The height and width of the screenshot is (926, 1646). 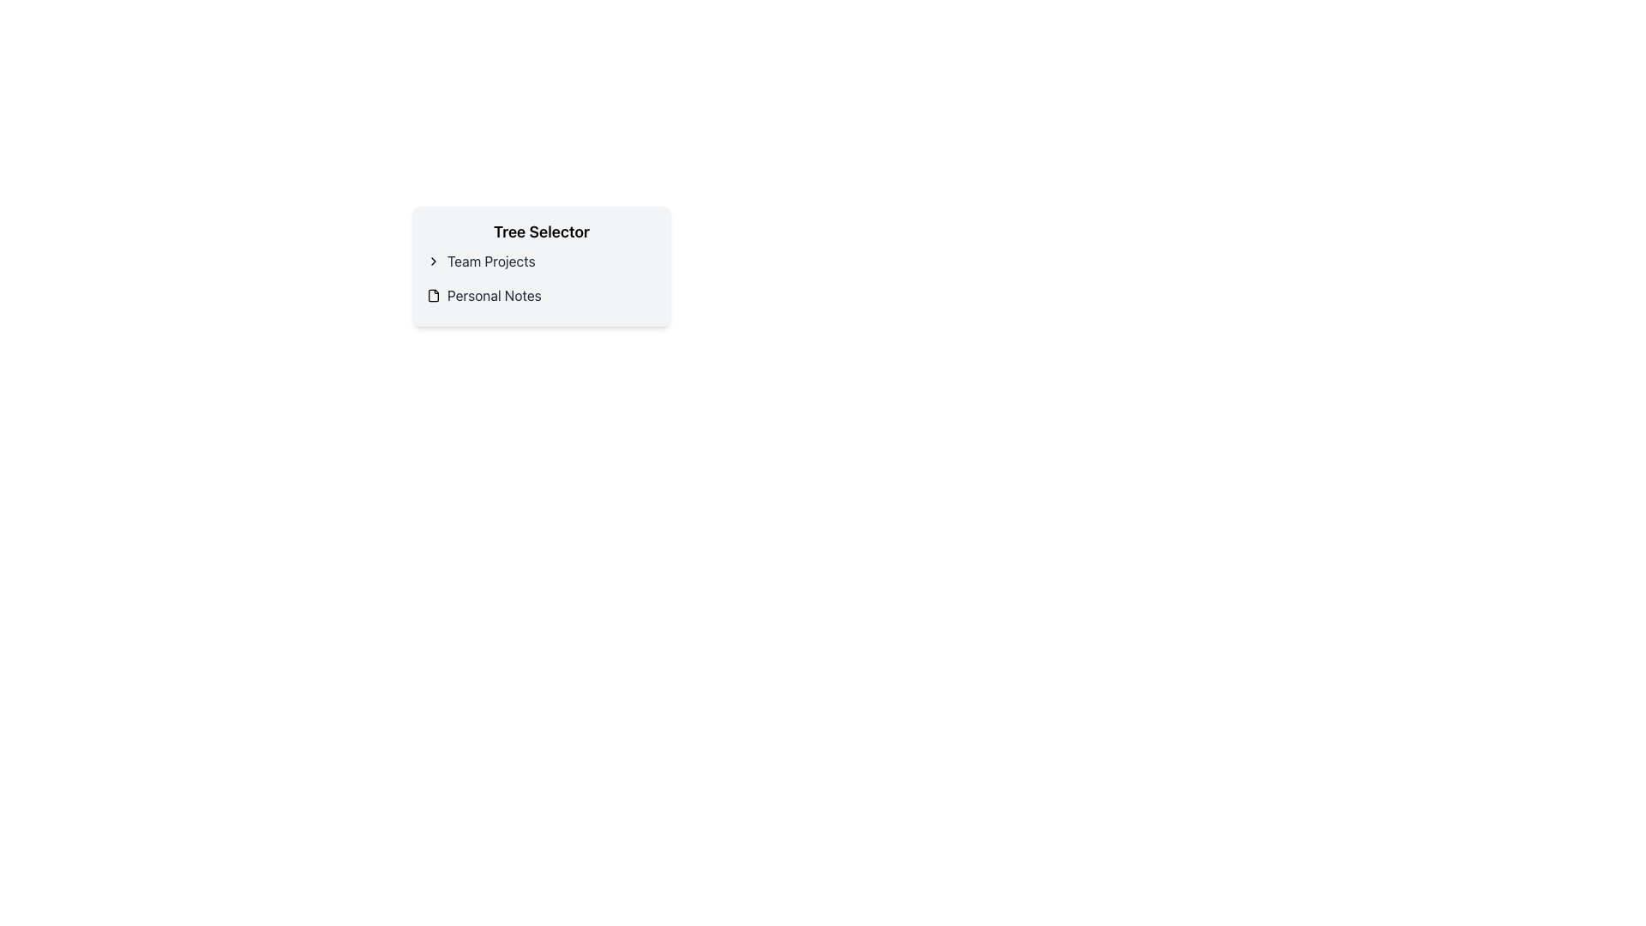 I want to click on the Text Label that serves as the title or header for the card, located at the top of the card layout, so click(x=541, y=231).